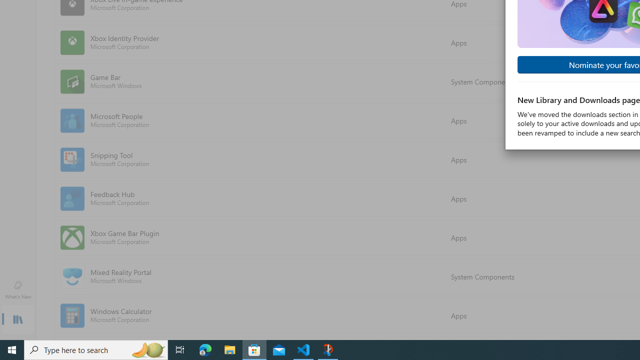  Describe the element at coordinates (17, 320) in the screenshot. I see `'Library'` at that location.